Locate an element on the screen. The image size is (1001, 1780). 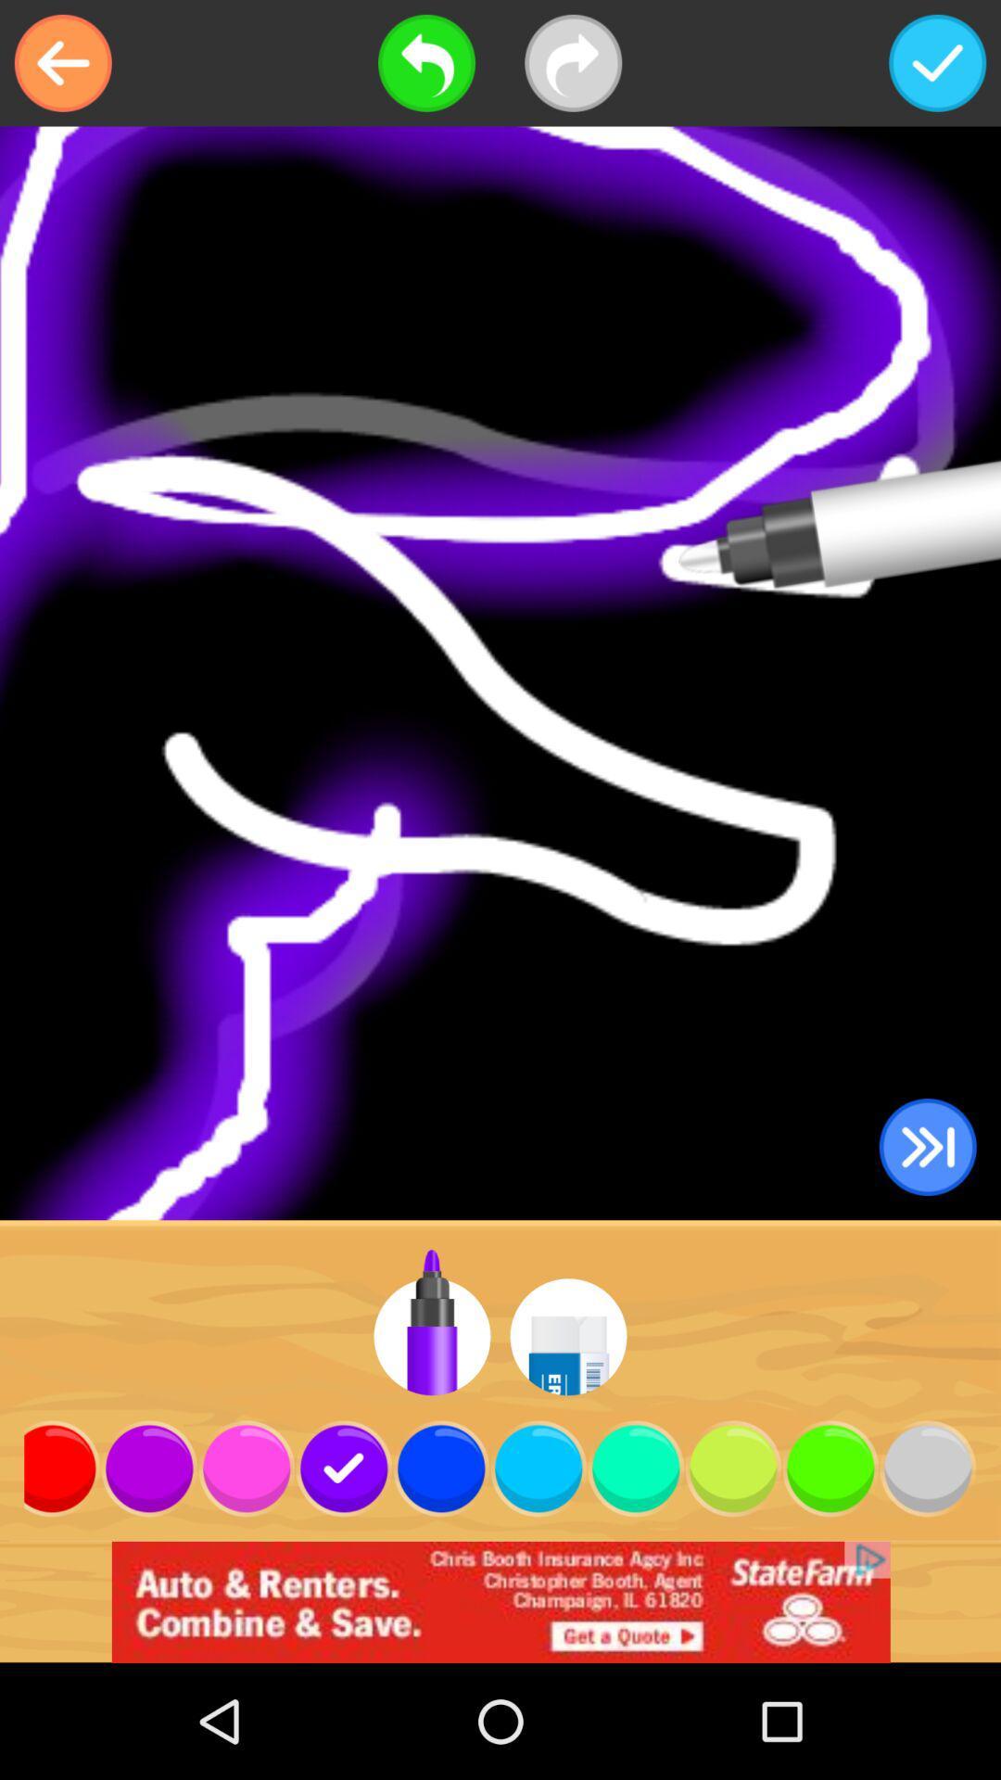
complete save done check mark is located at coordinates (937, 63).